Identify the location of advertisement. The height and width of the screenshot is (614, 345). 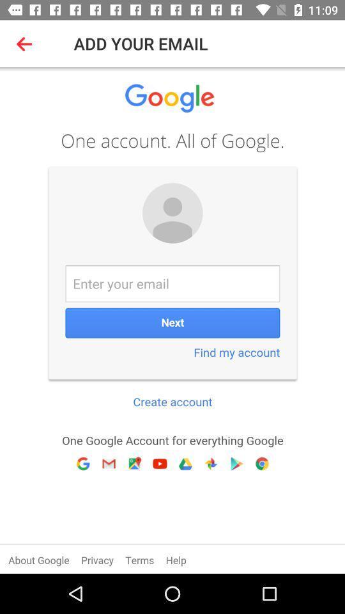
(172, 320).